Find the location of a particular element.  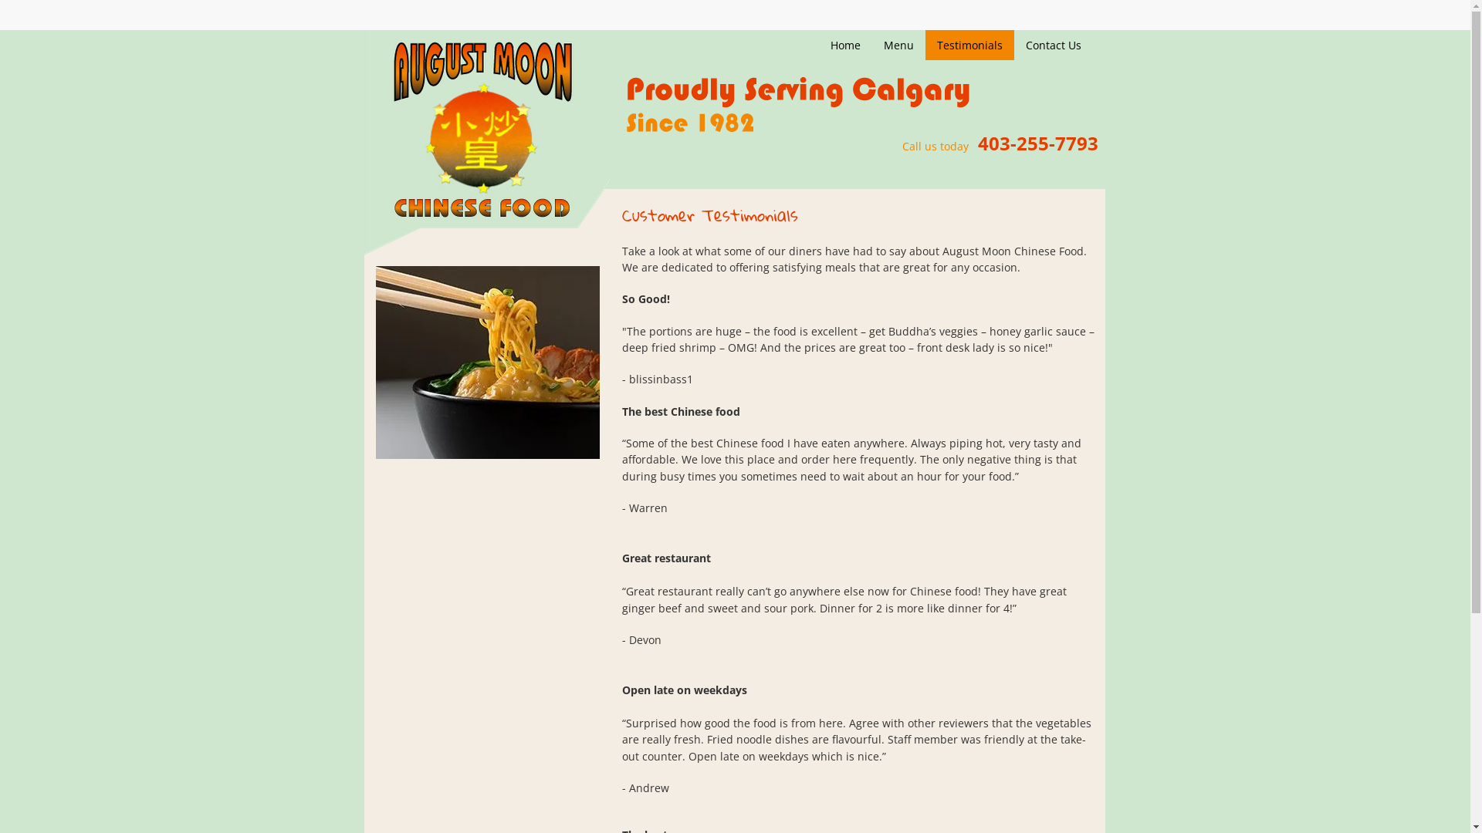

'403-255-7793' is located at coordinates (1037, 146).